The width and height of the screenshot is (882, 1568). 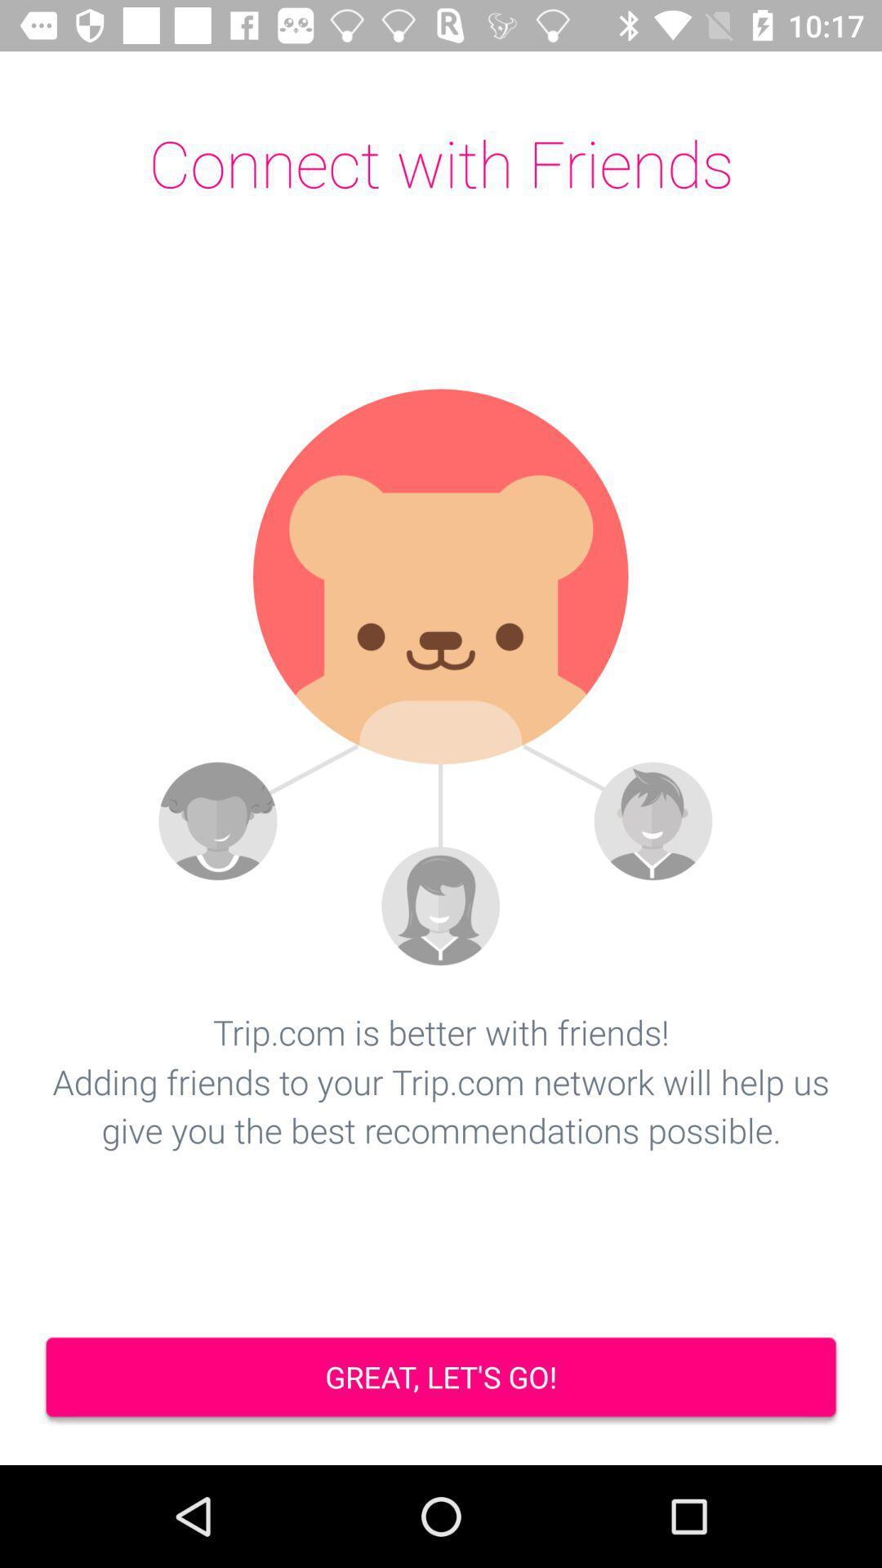 I want to click on great let s, so click(x=441, y=1379).